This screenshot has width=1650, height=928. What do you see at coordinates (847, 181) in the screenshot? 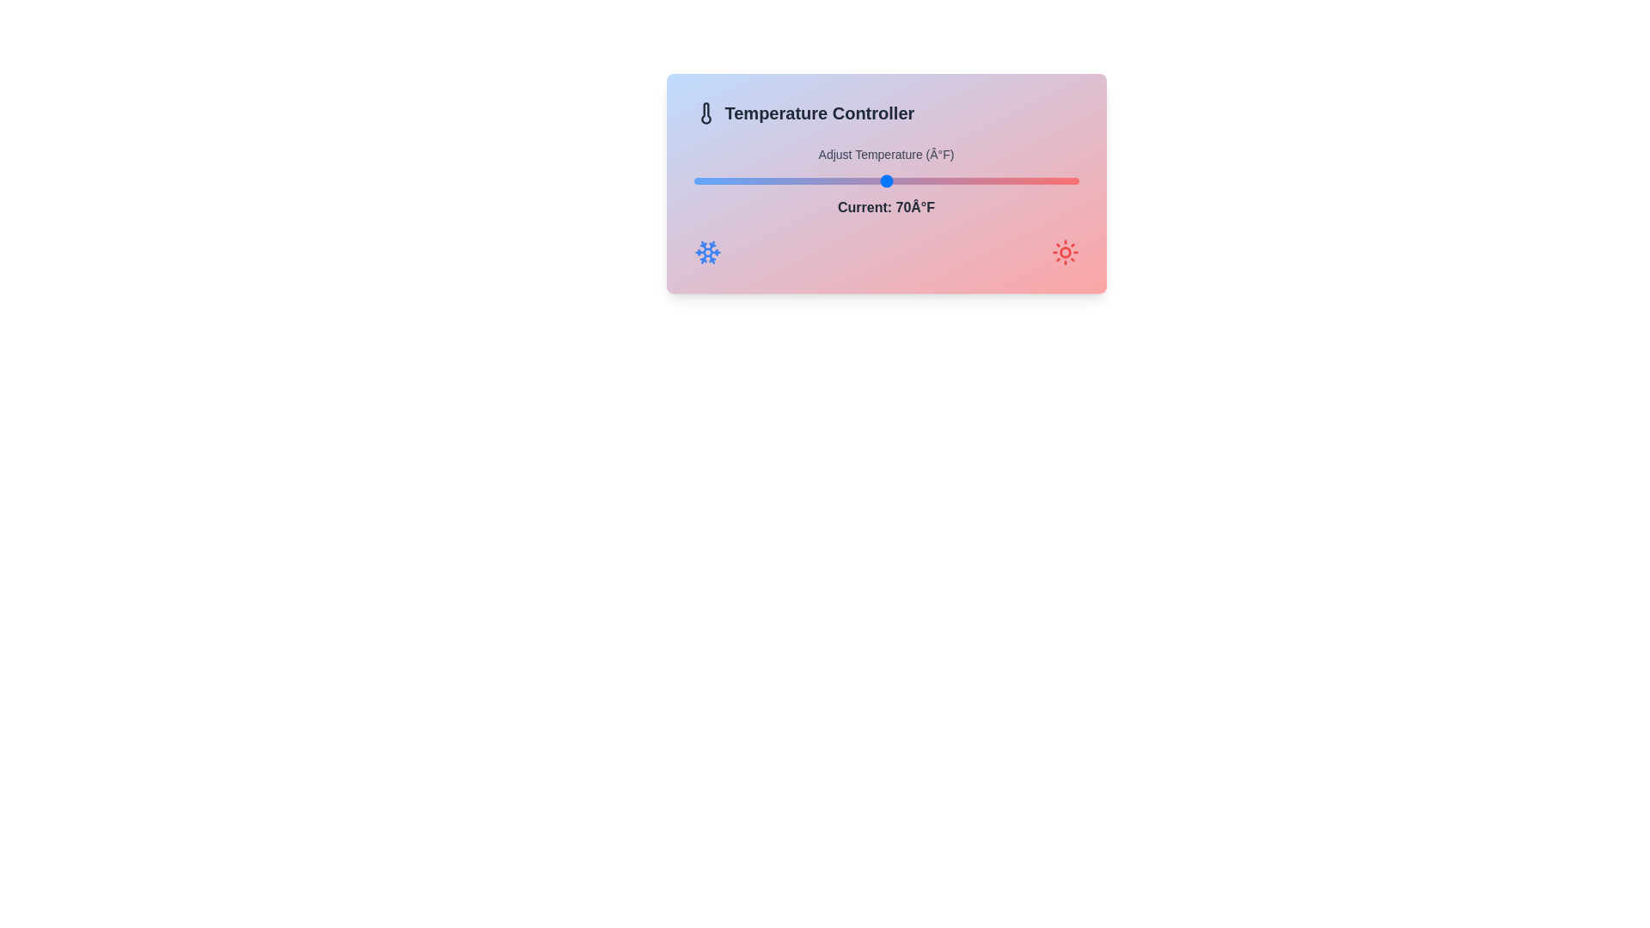
I see `the temperature to 66 degrees Fahrenheit using the slider` at bounding box center [847, 181].